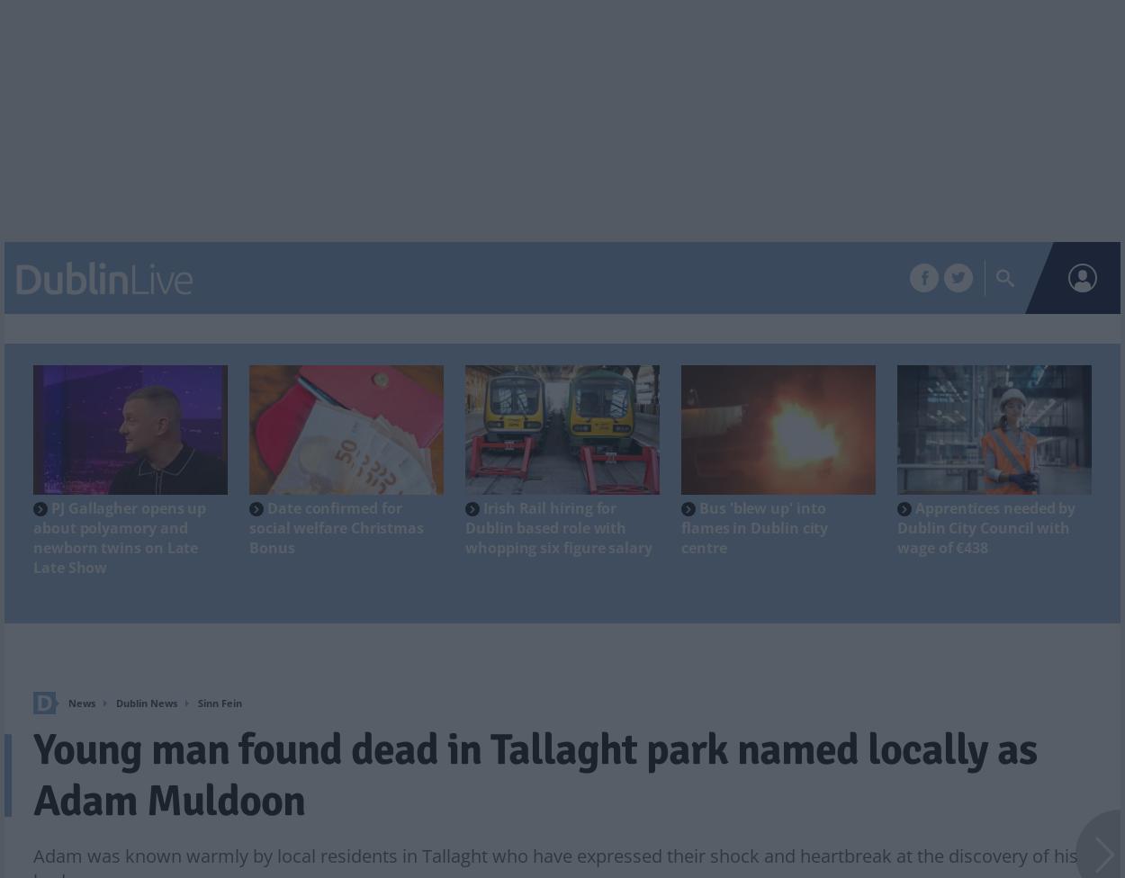  I want to click on 'Sinn Fein', so click(197, 703).